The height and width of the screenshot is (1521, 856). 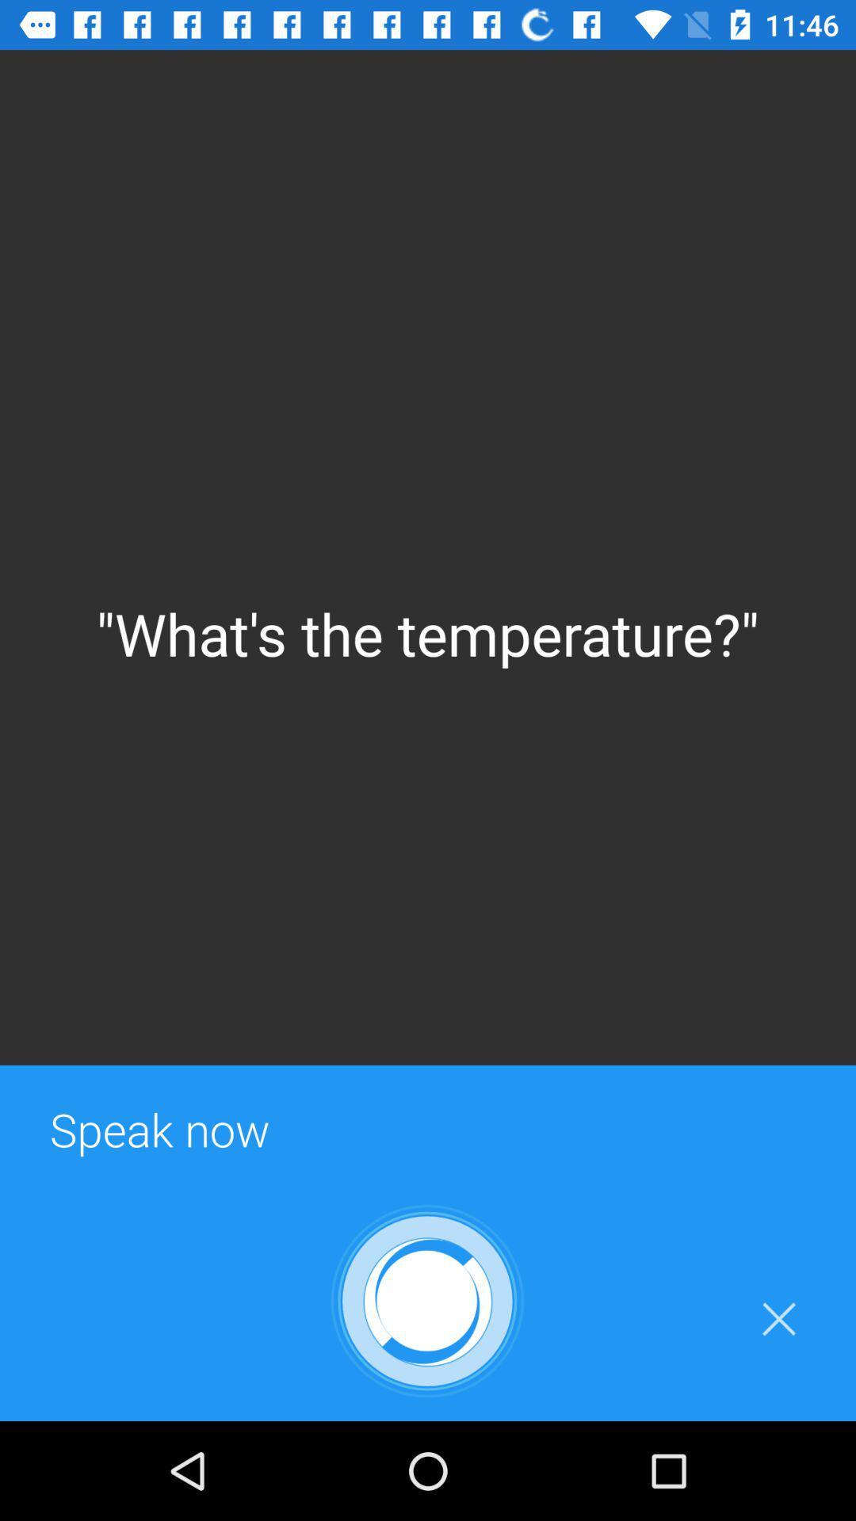 I want to click on the item below the speak now item, so click(x=426, y=1301).